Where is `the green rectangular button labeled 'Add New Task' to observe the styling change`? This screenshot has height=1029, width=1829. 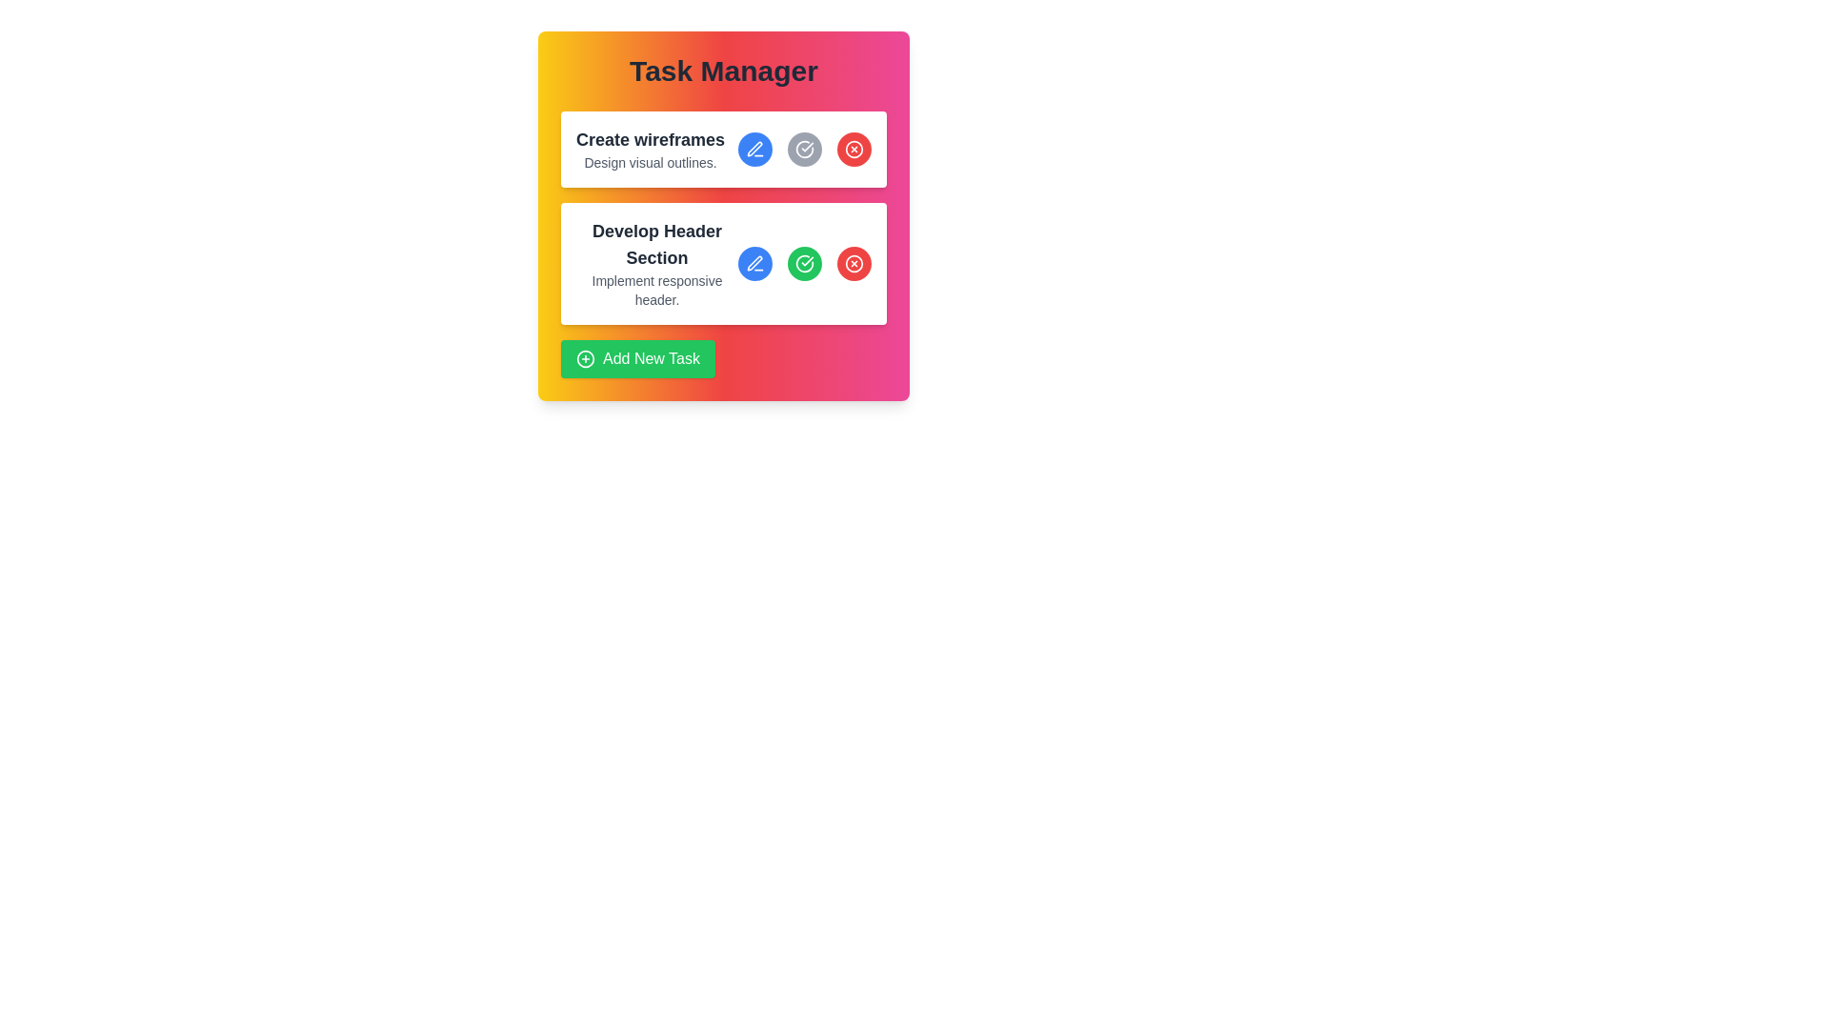 the green rectangular button labeled 'Add New Task' to observe the styling change is located at coordinates (638, 359).